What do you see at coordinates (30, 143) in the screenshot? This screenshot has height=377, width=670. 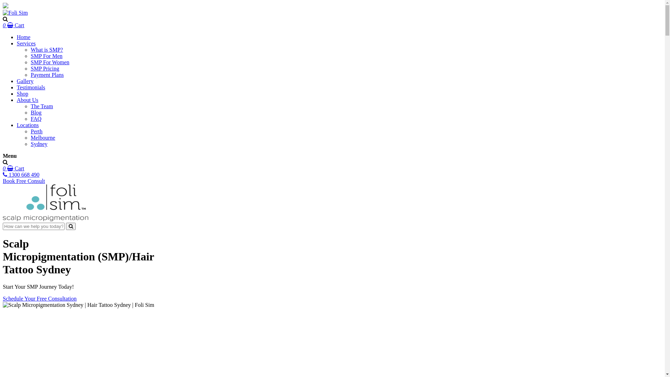 I see `'Sydney'` at bounding box center [30, 143].